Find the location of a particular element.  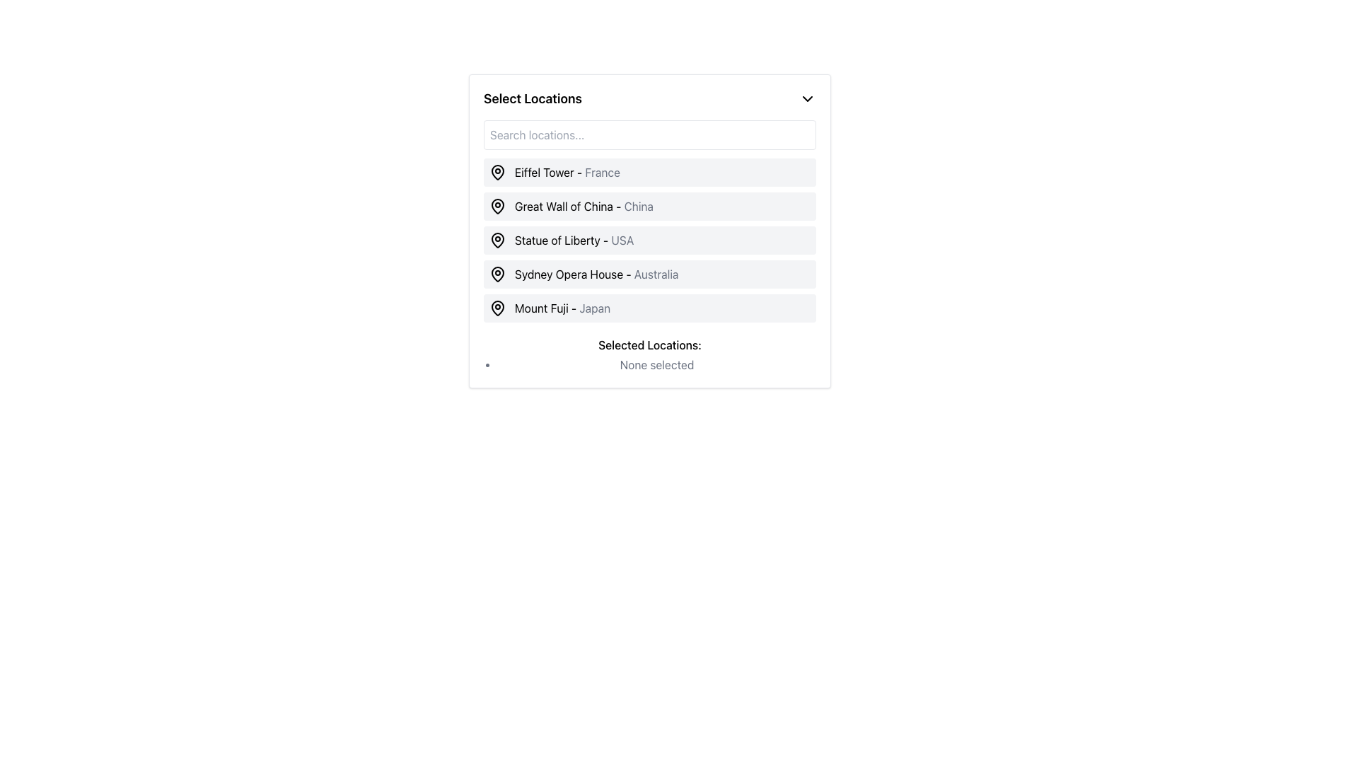

the text label displaying 'Japan' in the dropdown menu labeled 'Select Locations', which is styled in gray and part of the list item for 'Mount Fuji' is located at coordinates (595, 307).